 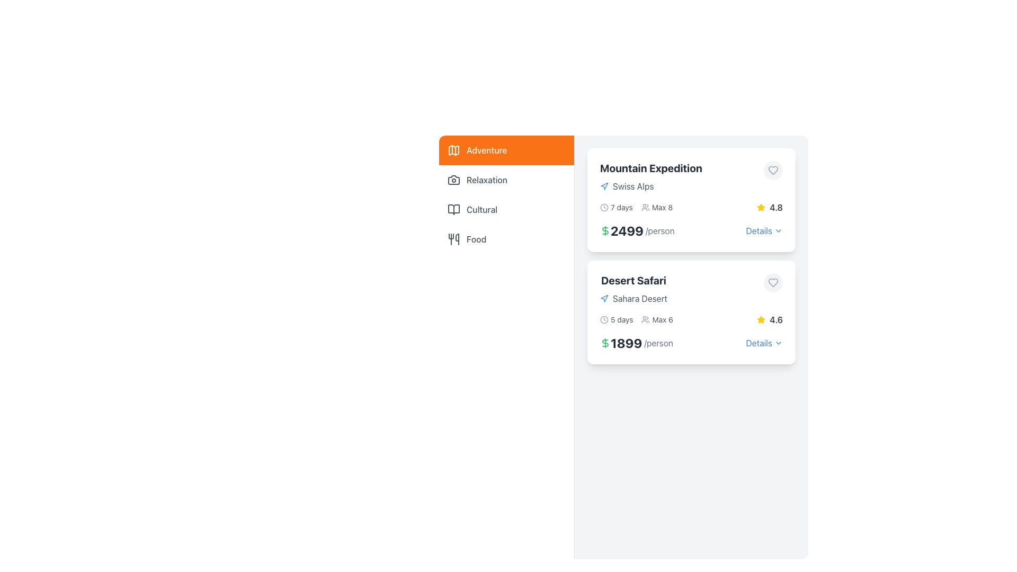 What do you see at coordinates (662, 208) in the screenshot?
I see `text of the 'Max 8' label located in the 'Mountain Expedition' section, styled in a small gray font and positioned to the right of the duration information ('7 days')` at bounding box center [662, 208].